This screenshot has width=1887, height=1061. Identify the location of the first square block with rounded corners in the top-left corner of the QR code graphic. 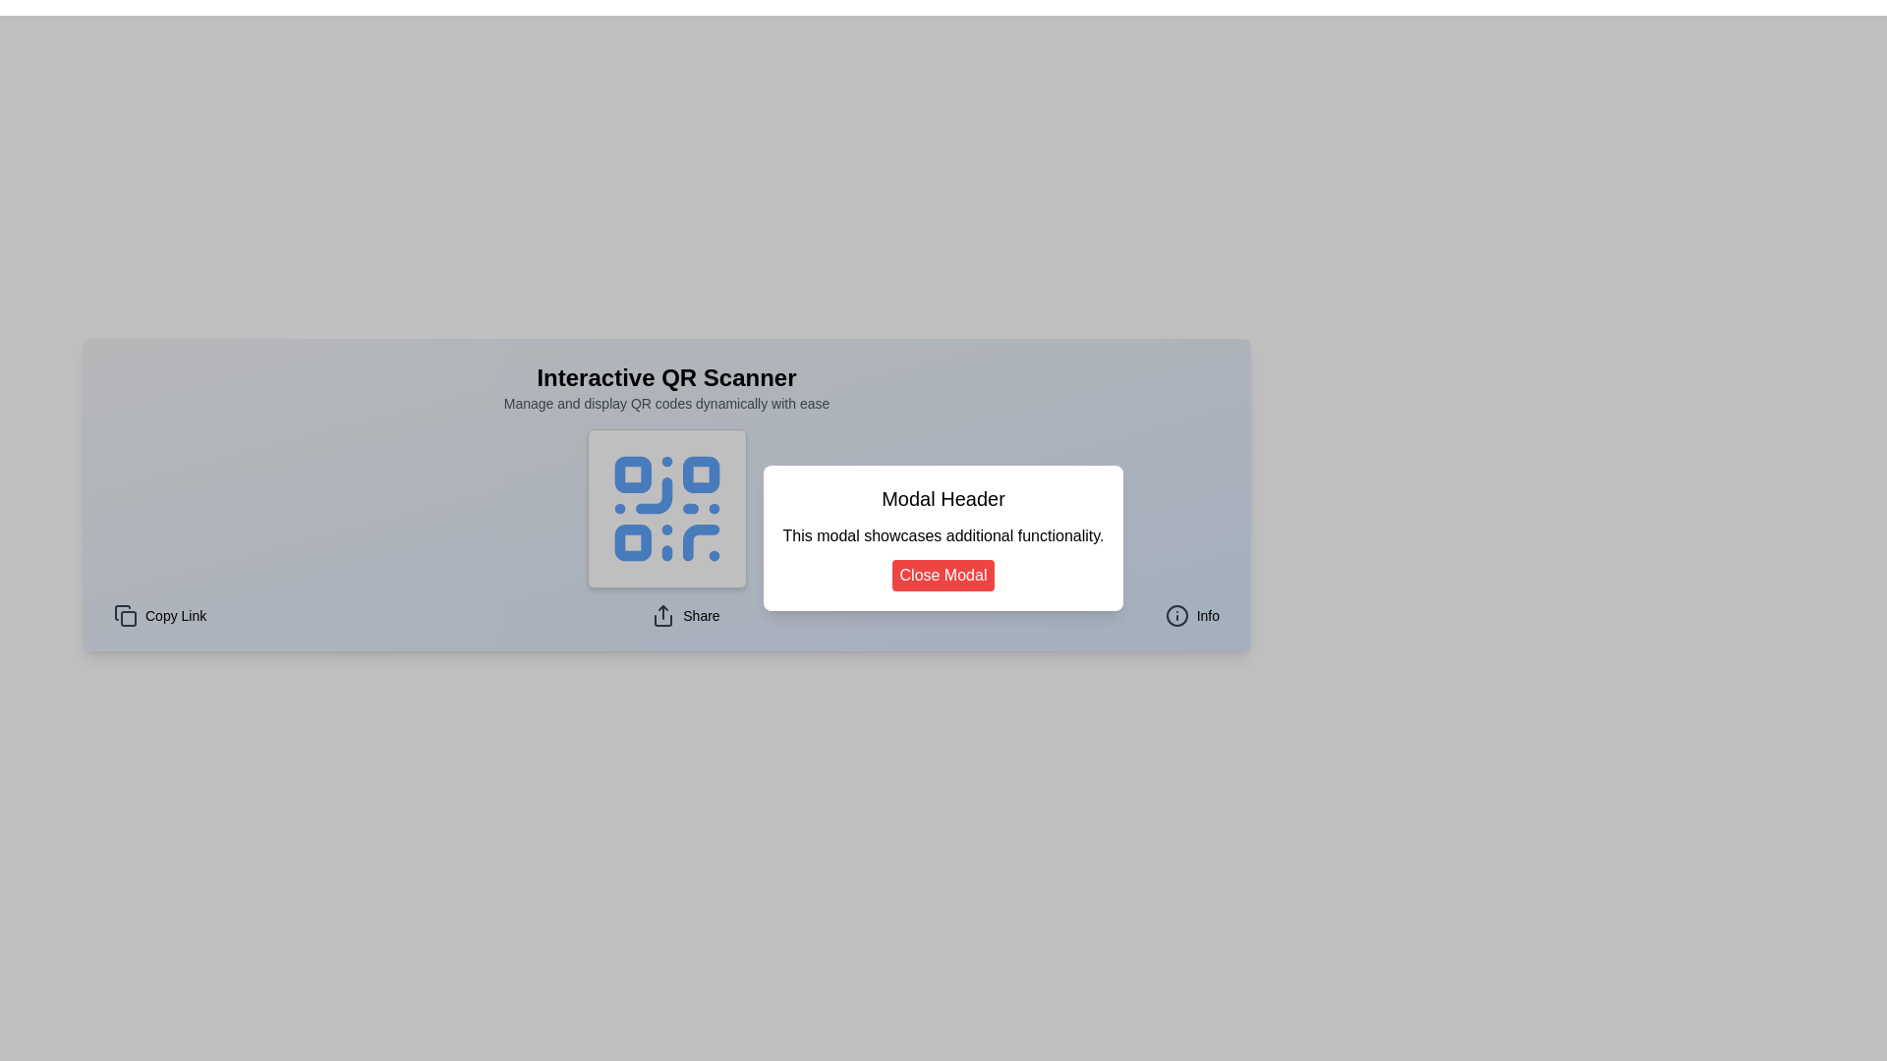
(632, 475).